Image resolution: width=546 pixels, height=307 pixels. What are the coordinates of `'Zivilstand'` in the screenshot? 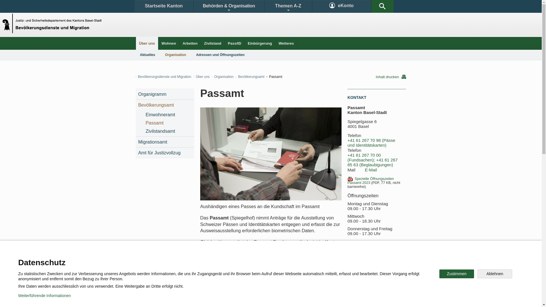 It's located at (212, 43).